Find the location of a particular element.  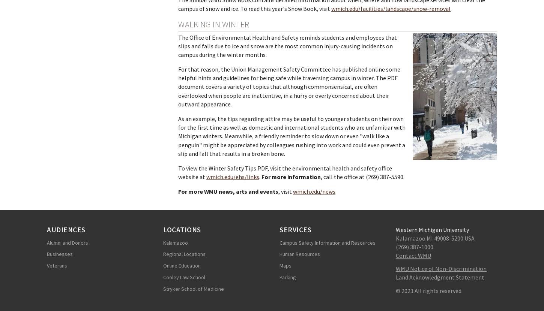

'© 2023 All rights reserved.' is located at coordinates (429, 290).